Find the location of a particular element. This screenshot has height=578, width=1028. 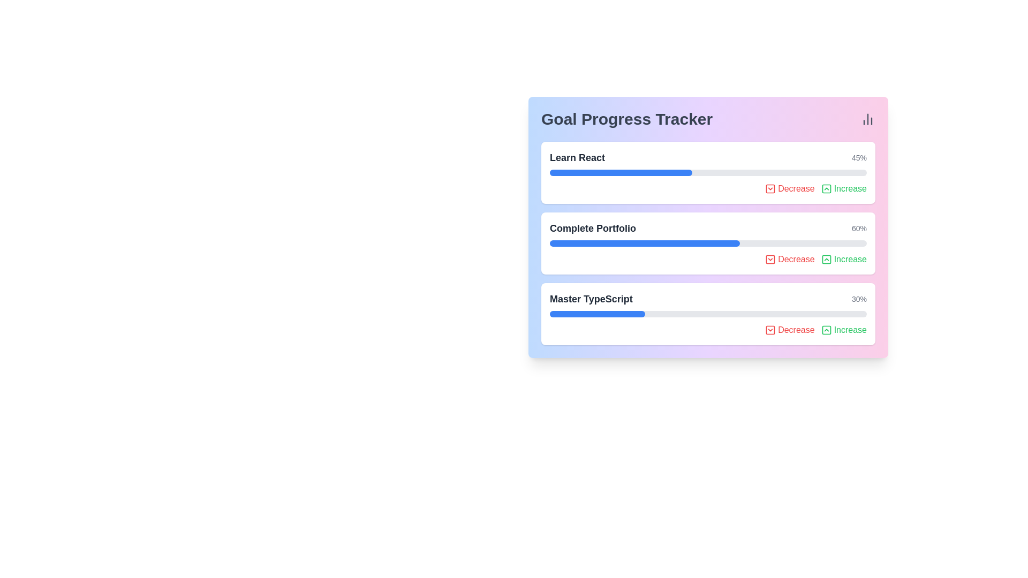

the 'Increase Progress' button located adjacent to the 'Complete Portfolio' progress bar under the 'Goal Progress Tracker' title is located at coordinates (843, 260).